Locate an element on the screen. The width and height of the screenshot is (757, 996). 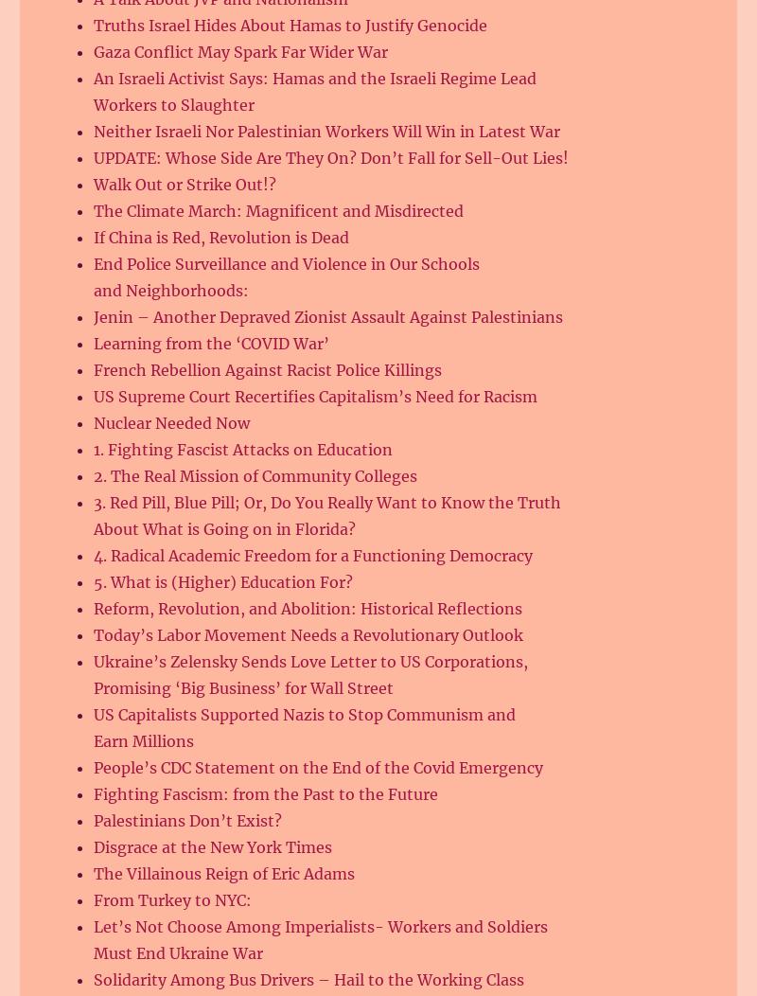
'If China is Red, Revolution is Dead' is located at coordinates (220, 237).